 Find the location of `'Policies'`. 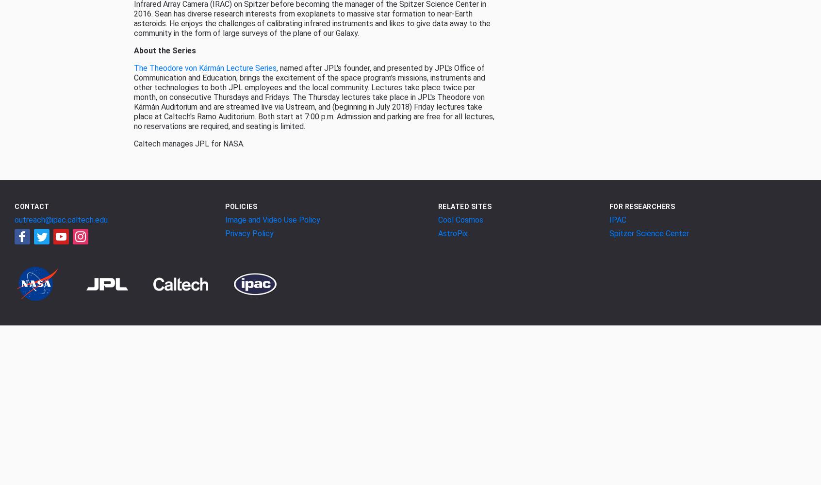

'Policies' is located at coordinates (241, 206).